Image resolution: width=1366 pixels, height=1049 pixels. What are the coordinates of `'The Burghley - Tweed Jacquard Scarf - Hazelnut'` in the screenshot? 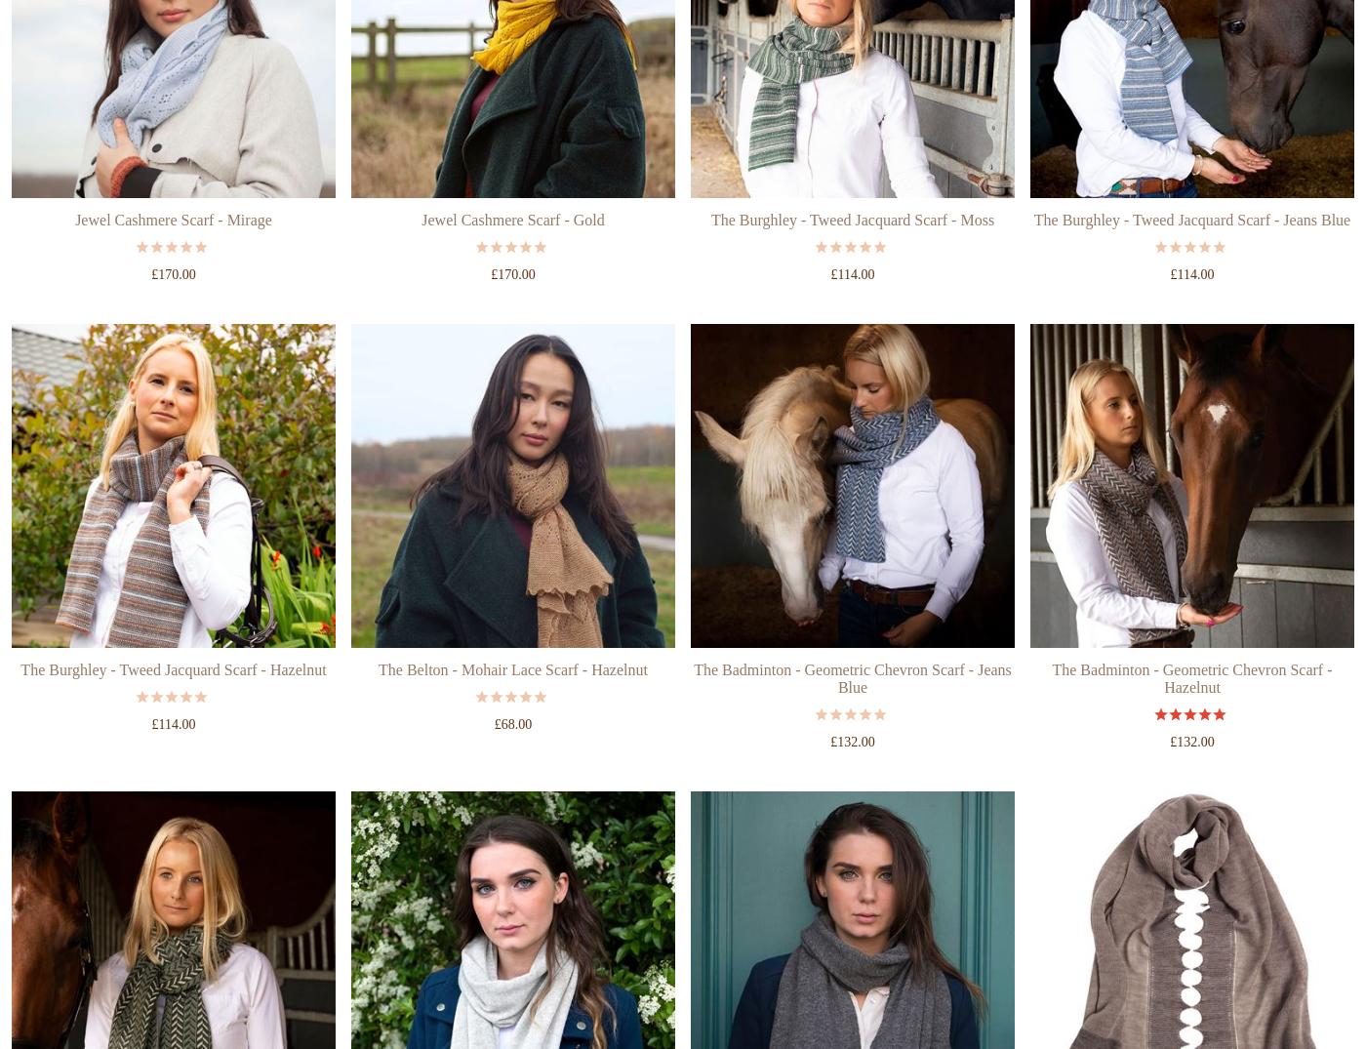 It's located at (172, 743).